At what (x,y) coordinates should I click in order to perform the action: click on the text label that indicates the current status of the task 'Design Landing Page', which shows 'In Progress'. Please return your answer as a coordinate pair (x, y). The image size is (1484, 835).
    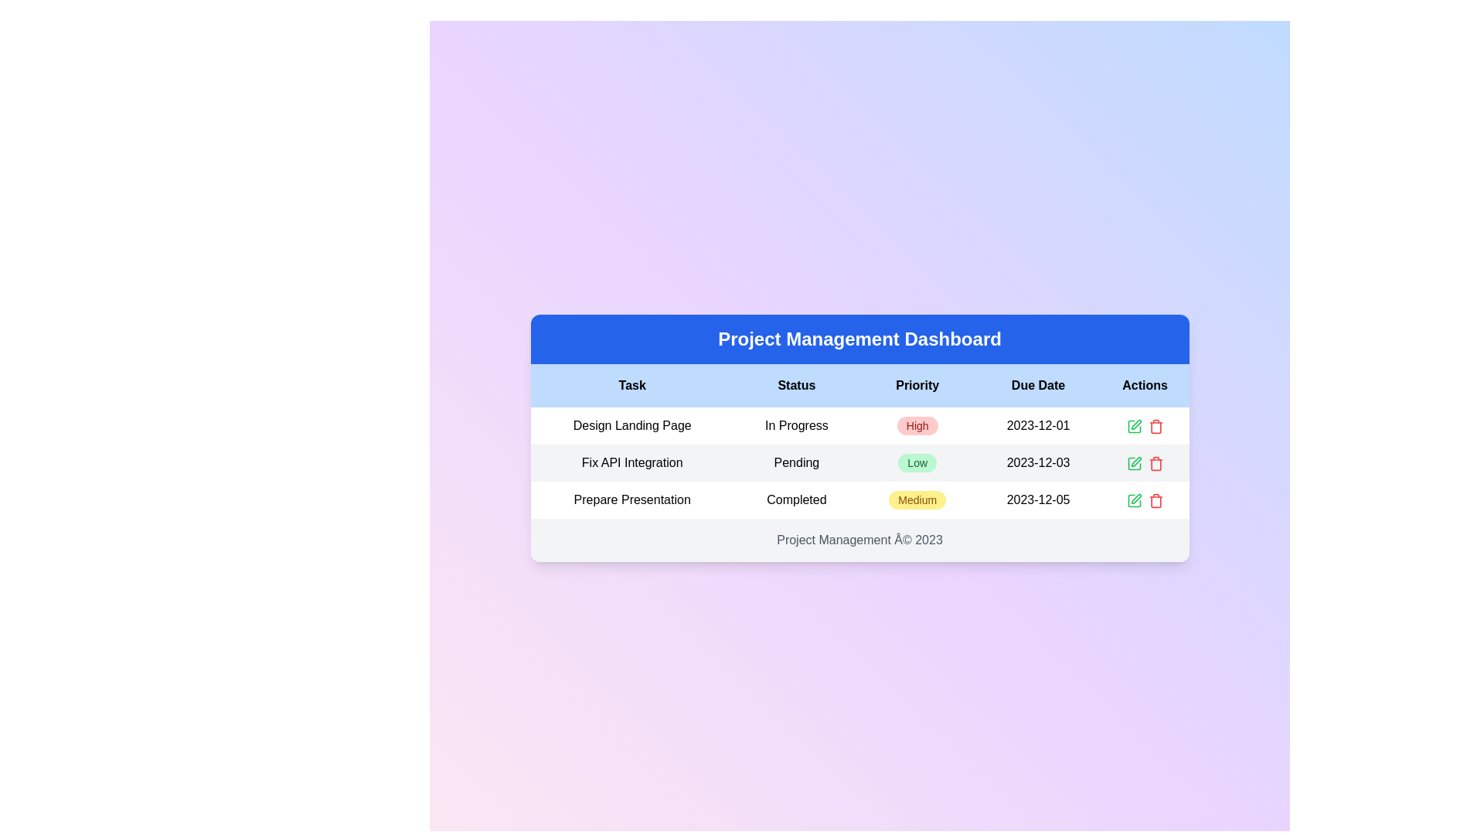
    Looking at the image, I should click on (796, 426).